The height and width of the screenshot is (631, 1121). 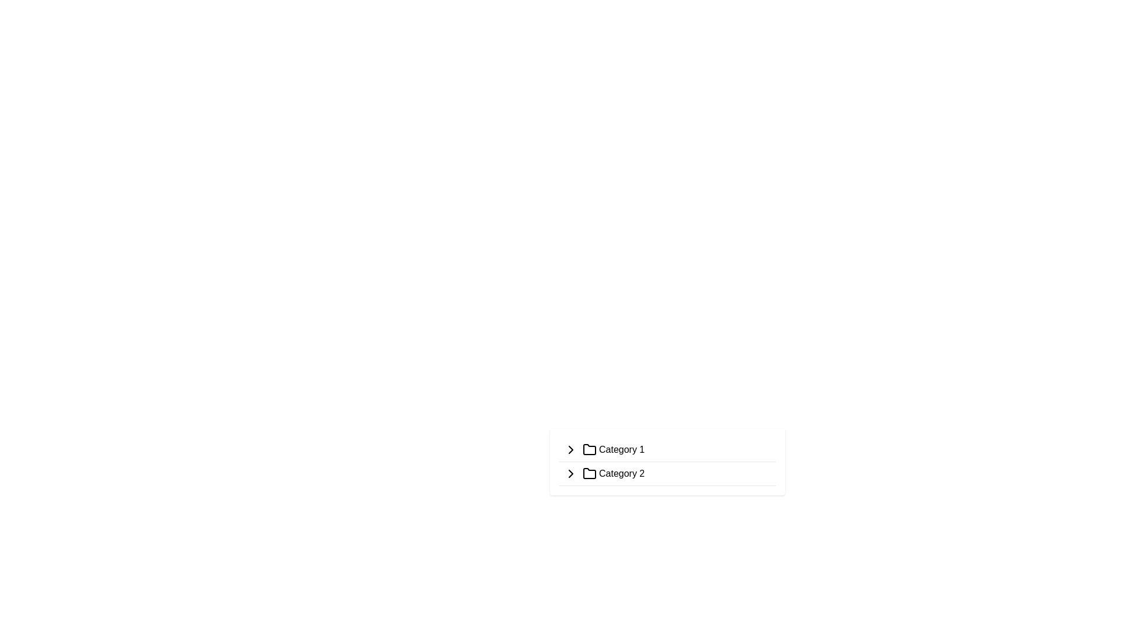 What do you see at coordinates (571, 449) in the screenshot?
I see `the triangle icon to the left of the 'Category 1' text label` at bounding box center [571, 449].